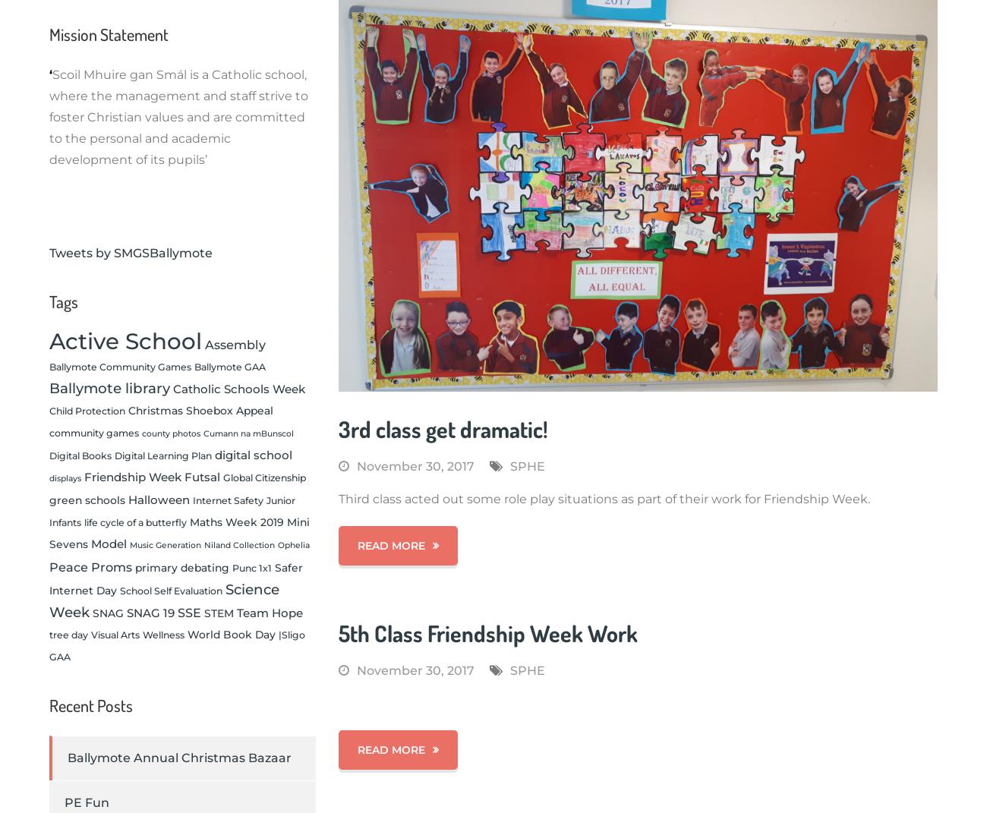 The width and height of the screenshot is (987, 813). What do you see at coordinates (204, 344) in the screenshot?
I see `'Assembly'` at bounding box center [204, 344].